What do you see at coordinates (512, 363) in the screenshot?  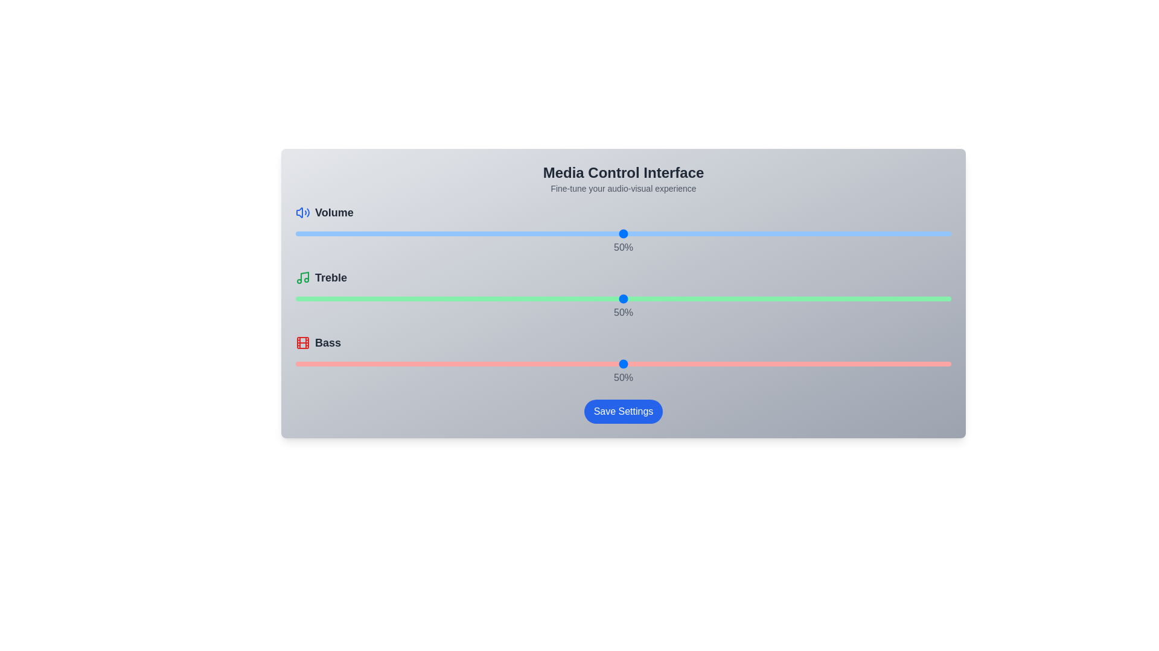 I see `bass level` at bounding box center [512, 363].